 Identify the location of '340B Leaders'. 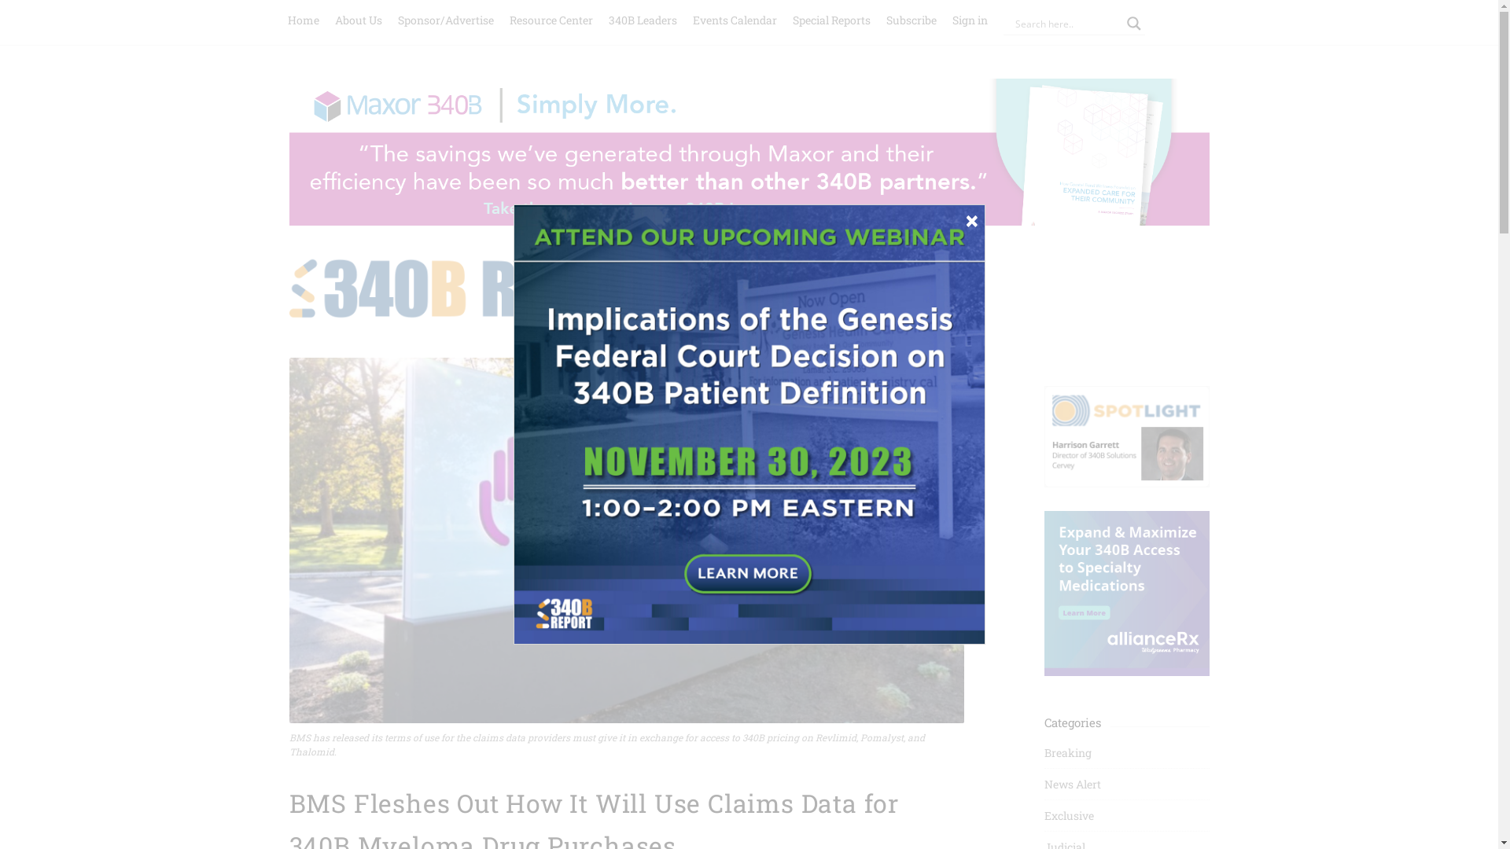
(599, 19).